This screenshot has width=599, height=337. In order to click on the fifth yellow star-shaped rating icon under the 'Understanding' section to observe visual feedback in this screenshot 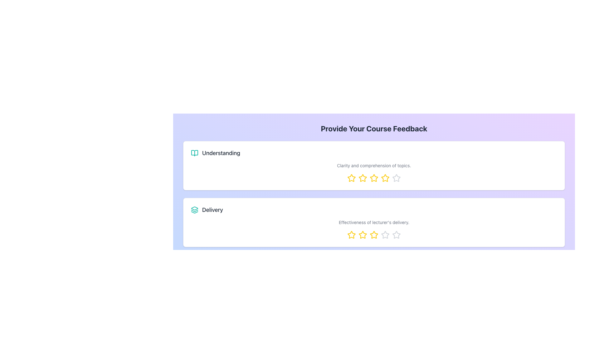, I will do `click(385, 178)`.